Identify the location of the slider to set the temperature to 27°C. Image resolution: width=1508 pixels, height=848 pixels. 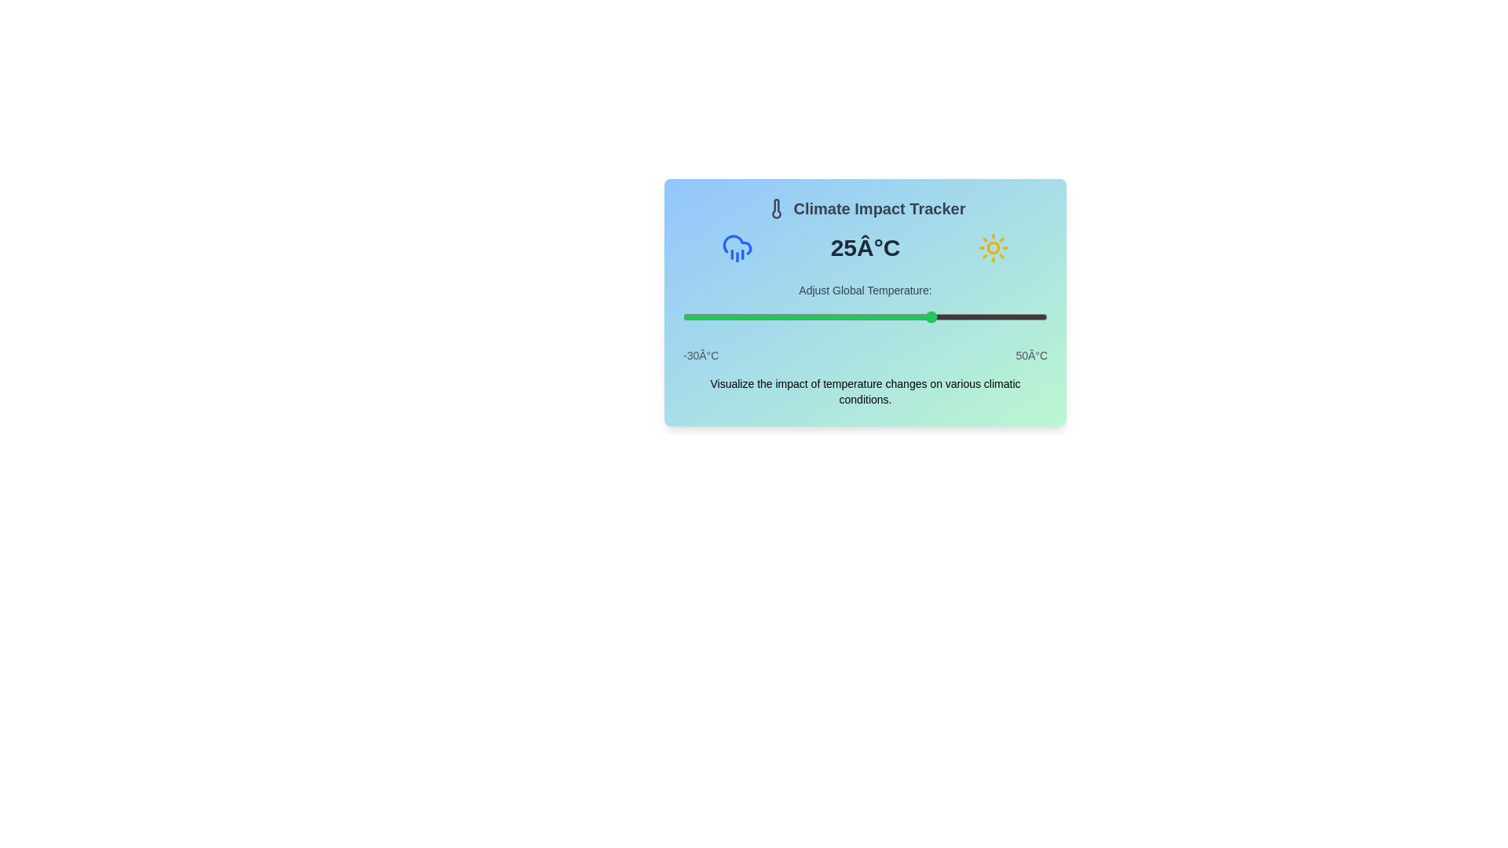
(942, 317).